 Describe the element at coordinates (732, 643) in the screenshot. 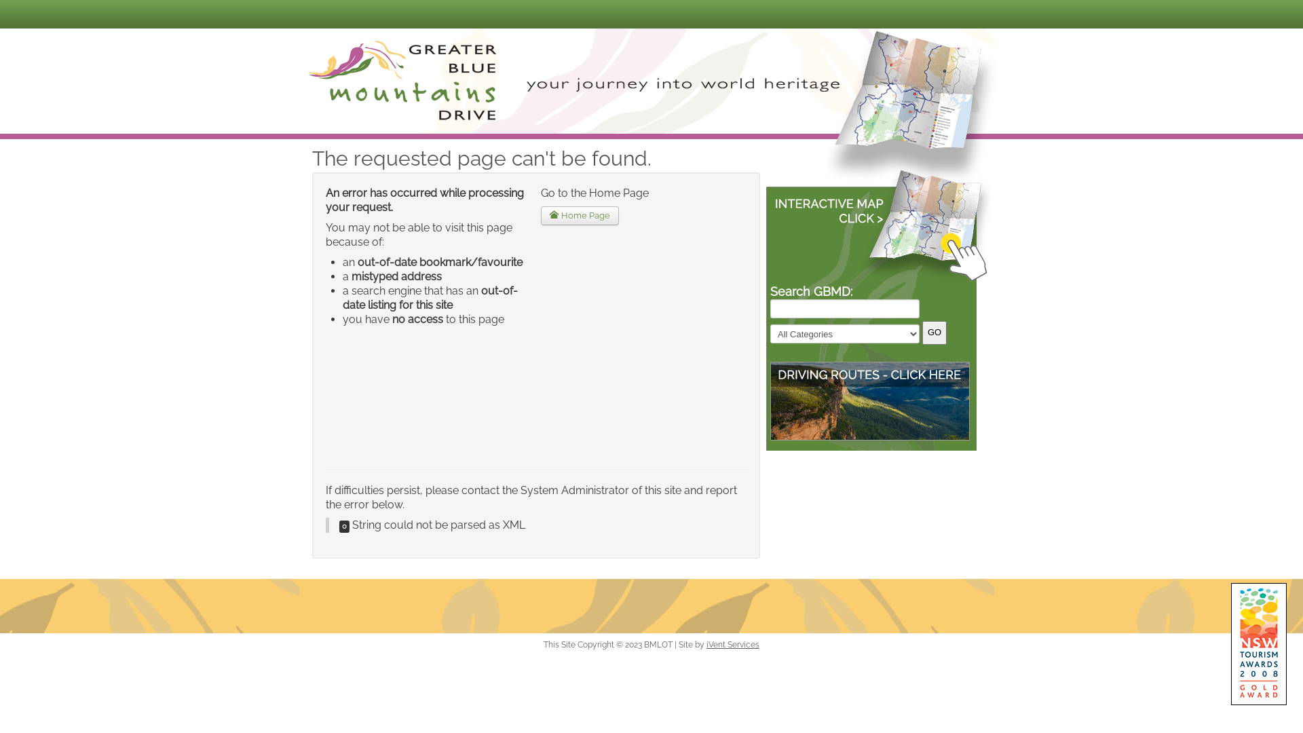

I see `'iVent Services'` at that location.